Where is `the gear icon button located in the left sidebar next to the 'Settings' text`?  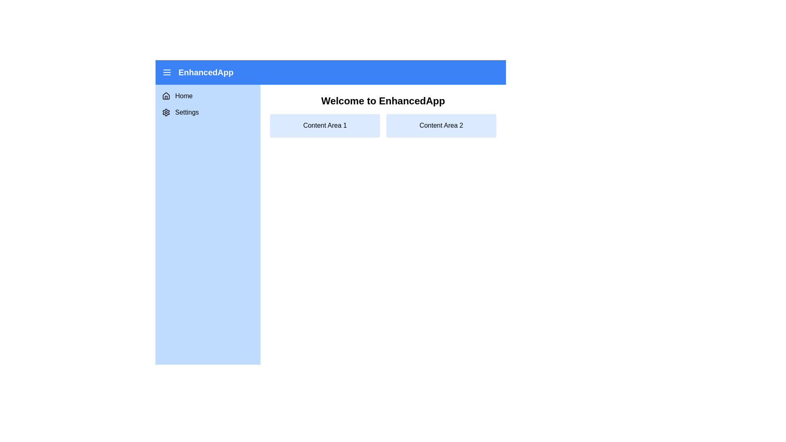
the gear icon button located in the left sidebar next to the 'Settings' text is located at coordinates (166, 112).